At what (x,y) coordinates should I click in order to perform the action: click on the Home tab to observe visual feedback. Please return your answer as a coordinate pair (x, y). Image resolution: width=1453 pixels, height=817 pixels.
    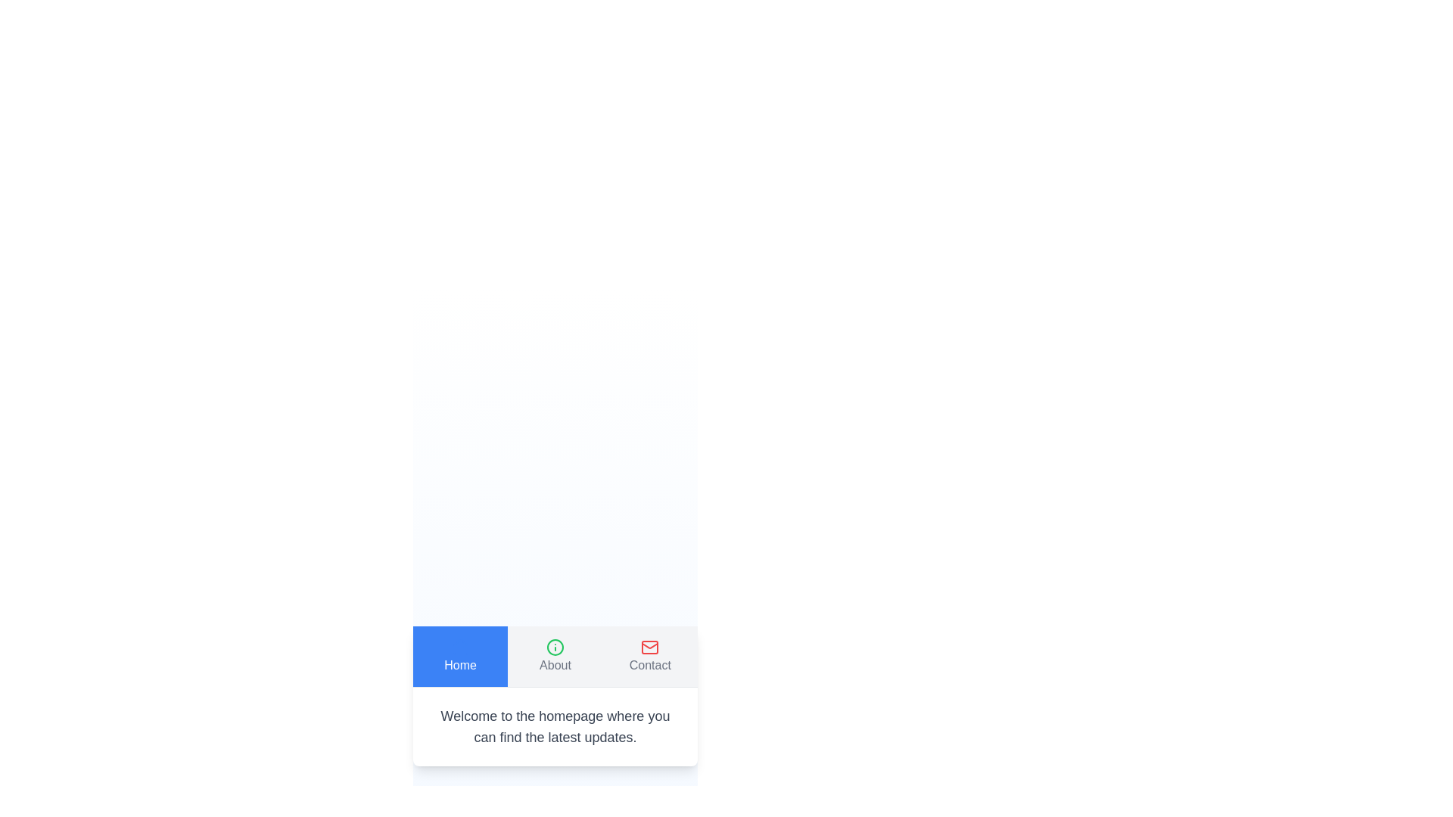
    Looking at the image, I should click on (459, 655).